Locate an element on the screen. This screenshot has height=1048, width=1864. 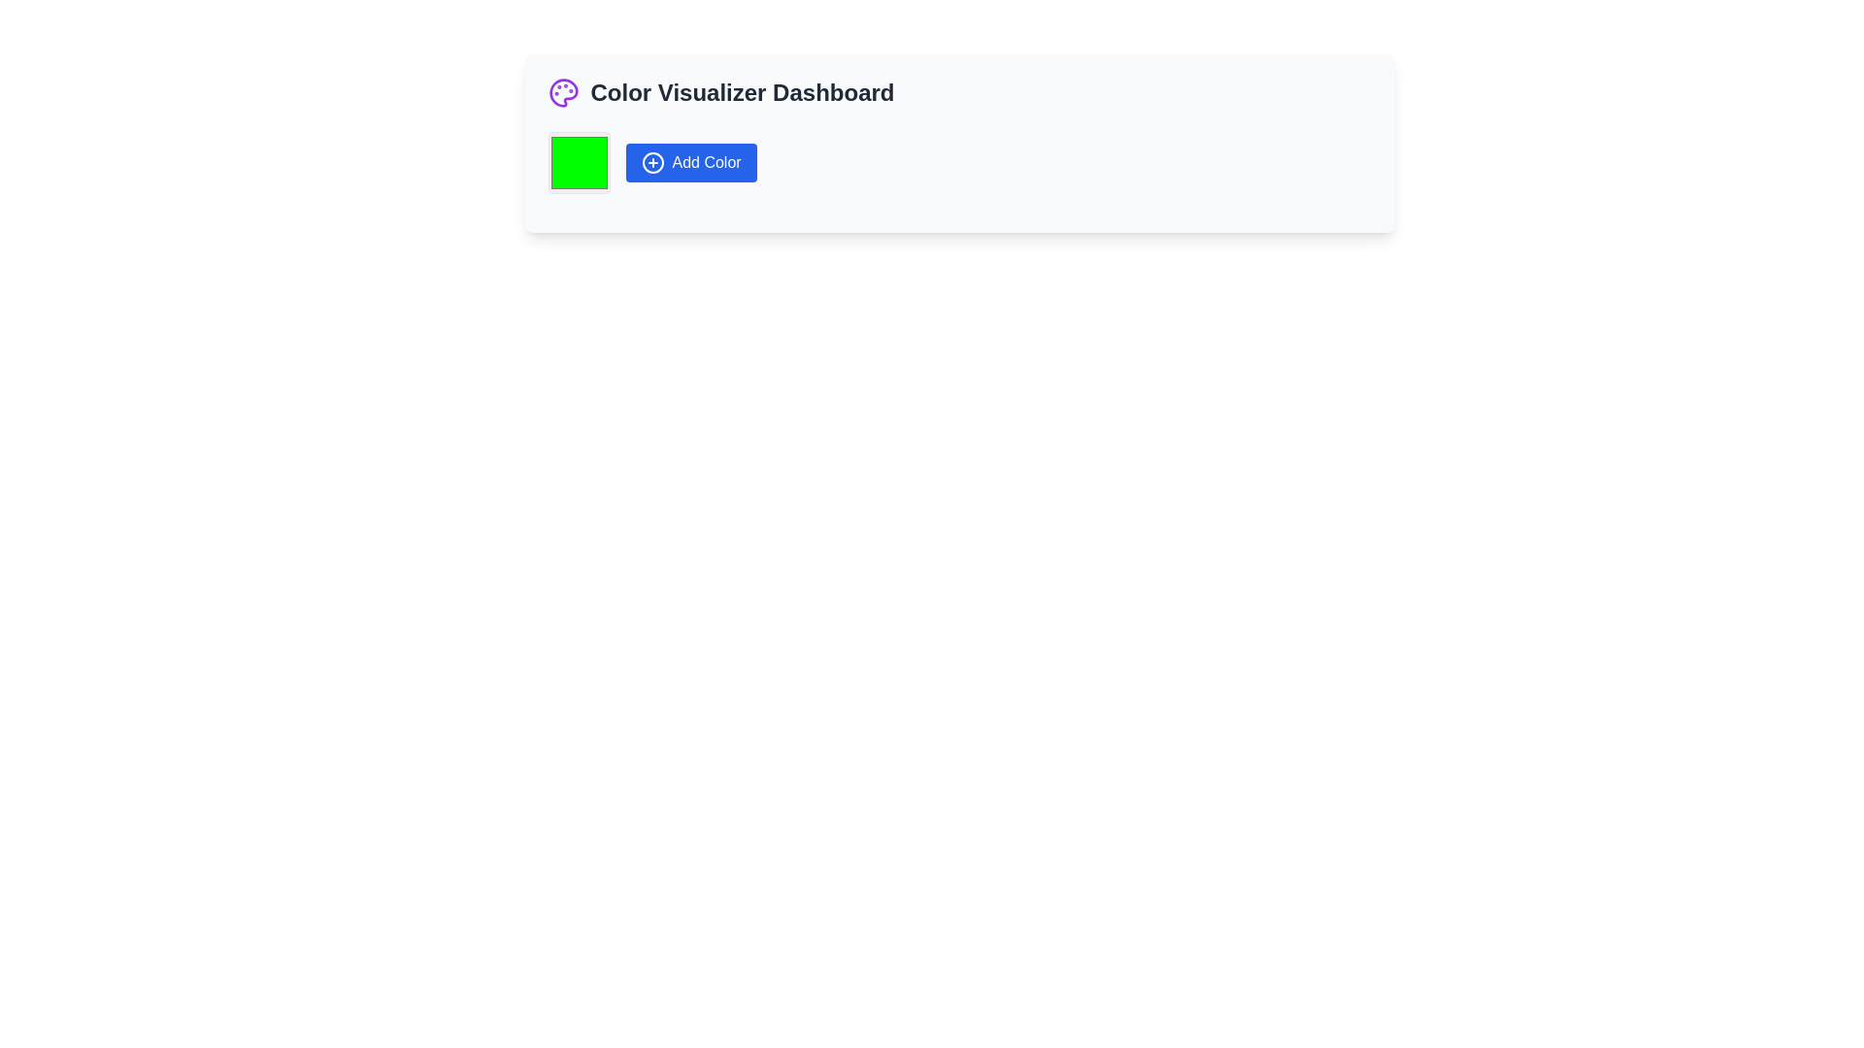
the circular SVG icon element, which is part of the 'Color Visualizer Dashboard' and located to the left of the blue 'Add Color' button is located at coordinates (652, 162).